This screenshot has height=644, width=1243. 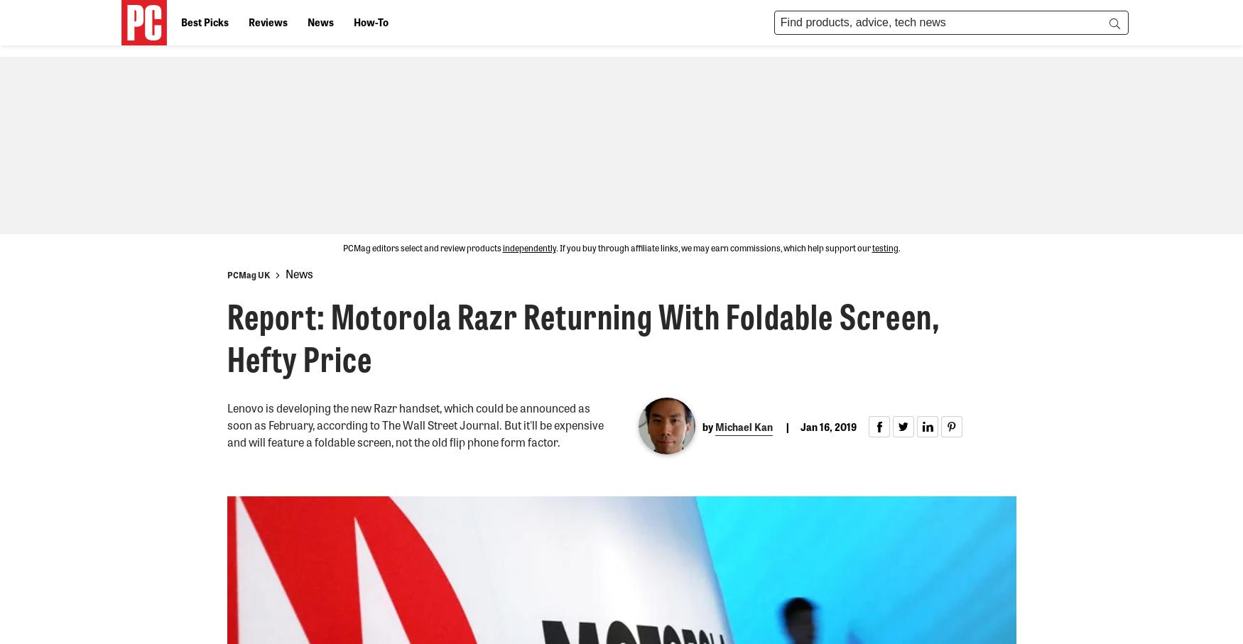 I want to click on 'by', so click(x=709, y=425).